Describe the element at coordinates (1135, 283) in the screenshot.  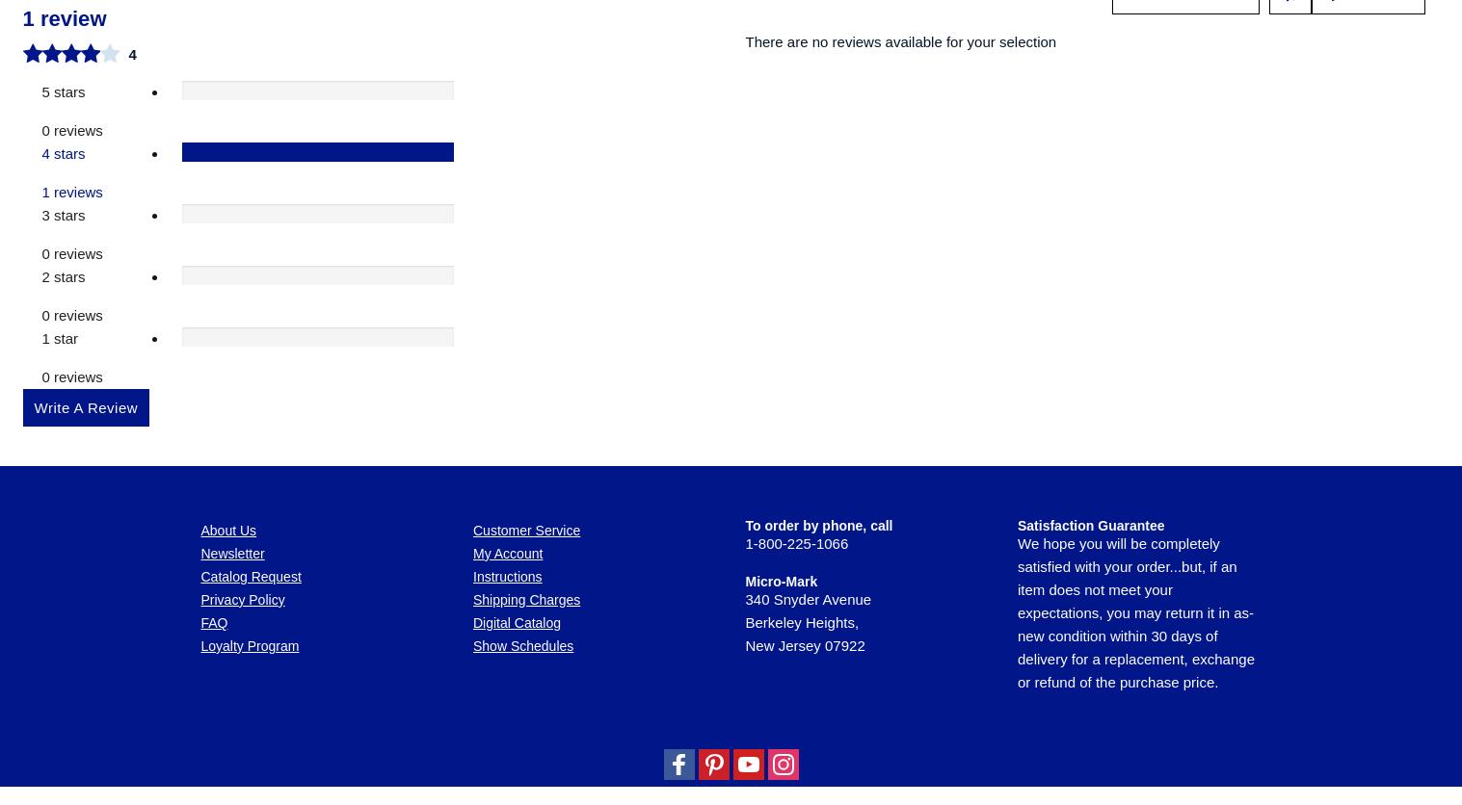
I see `'We hope you will be completely satisfied with your order...but, if an item does not meet your expectations, you may return it in as-new condition within 30 days of delivery for a replacement, exchange or refund of the purchase price.'` at that location.